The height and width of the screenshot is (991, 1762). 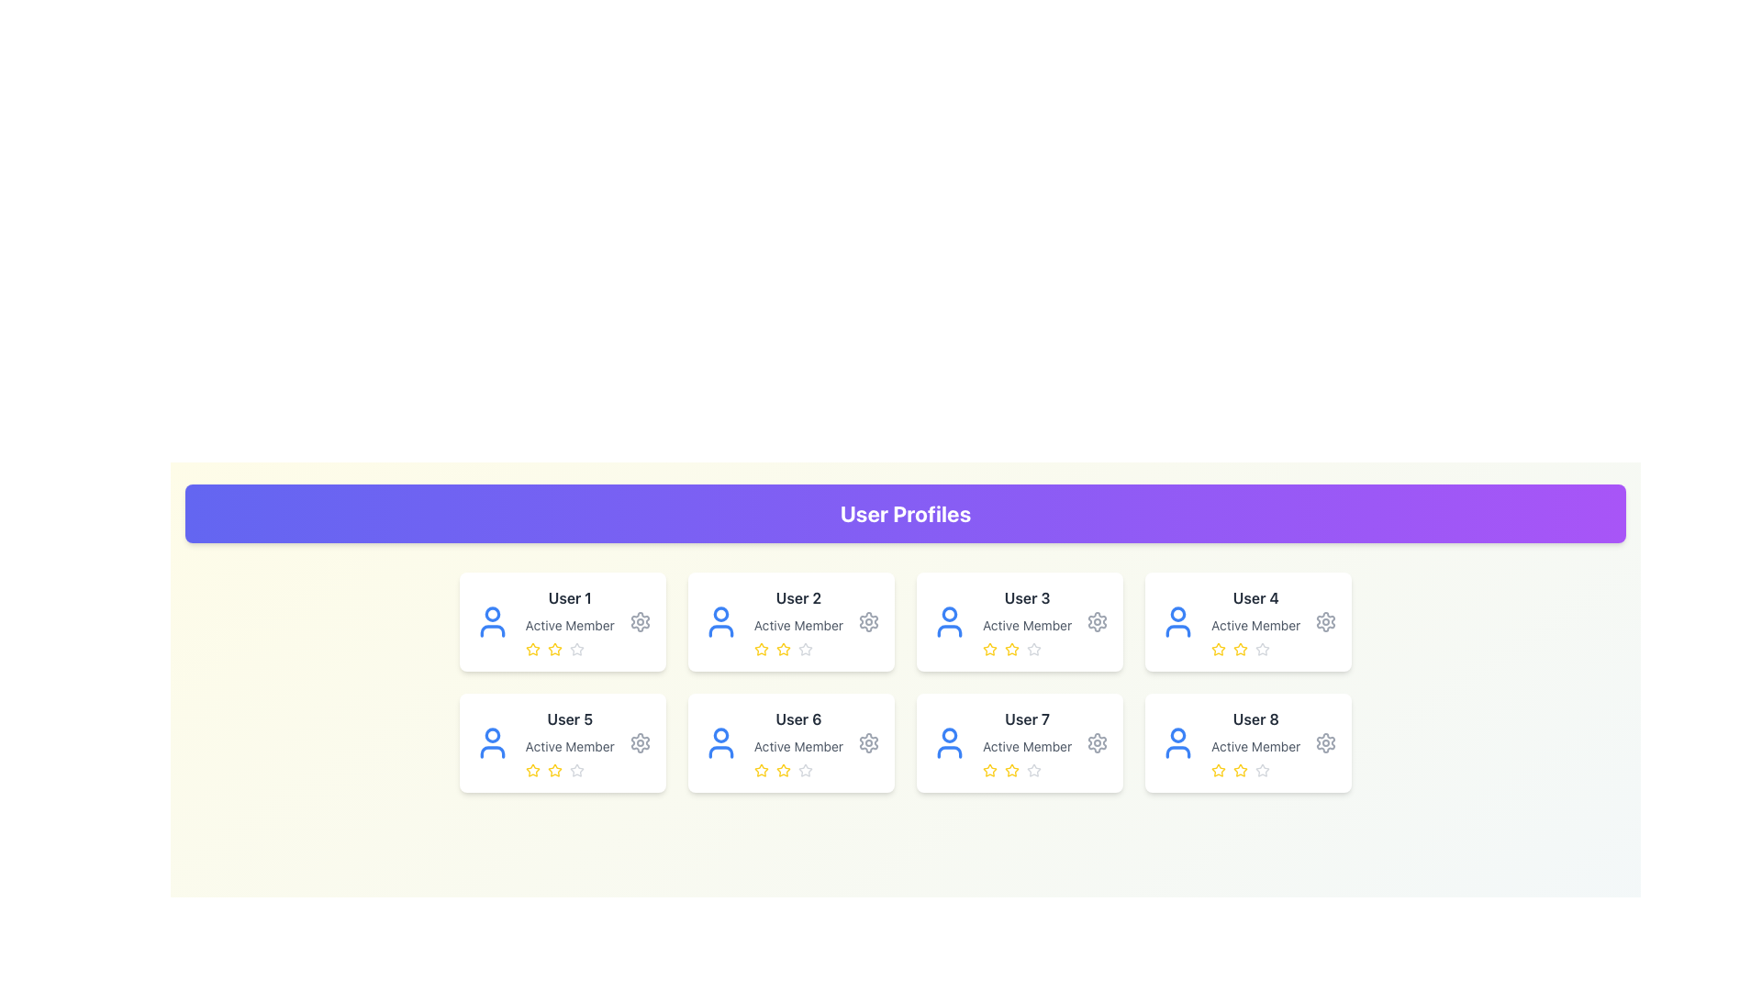 What do you see at coordinates (1026, 746) in the screenshot?
I see `the status text label indicating that User 7 is an active member, located in the 'User 7' card in the bottom right corner of the 2nd row of the user grid` at bounding box center [1026, 746].